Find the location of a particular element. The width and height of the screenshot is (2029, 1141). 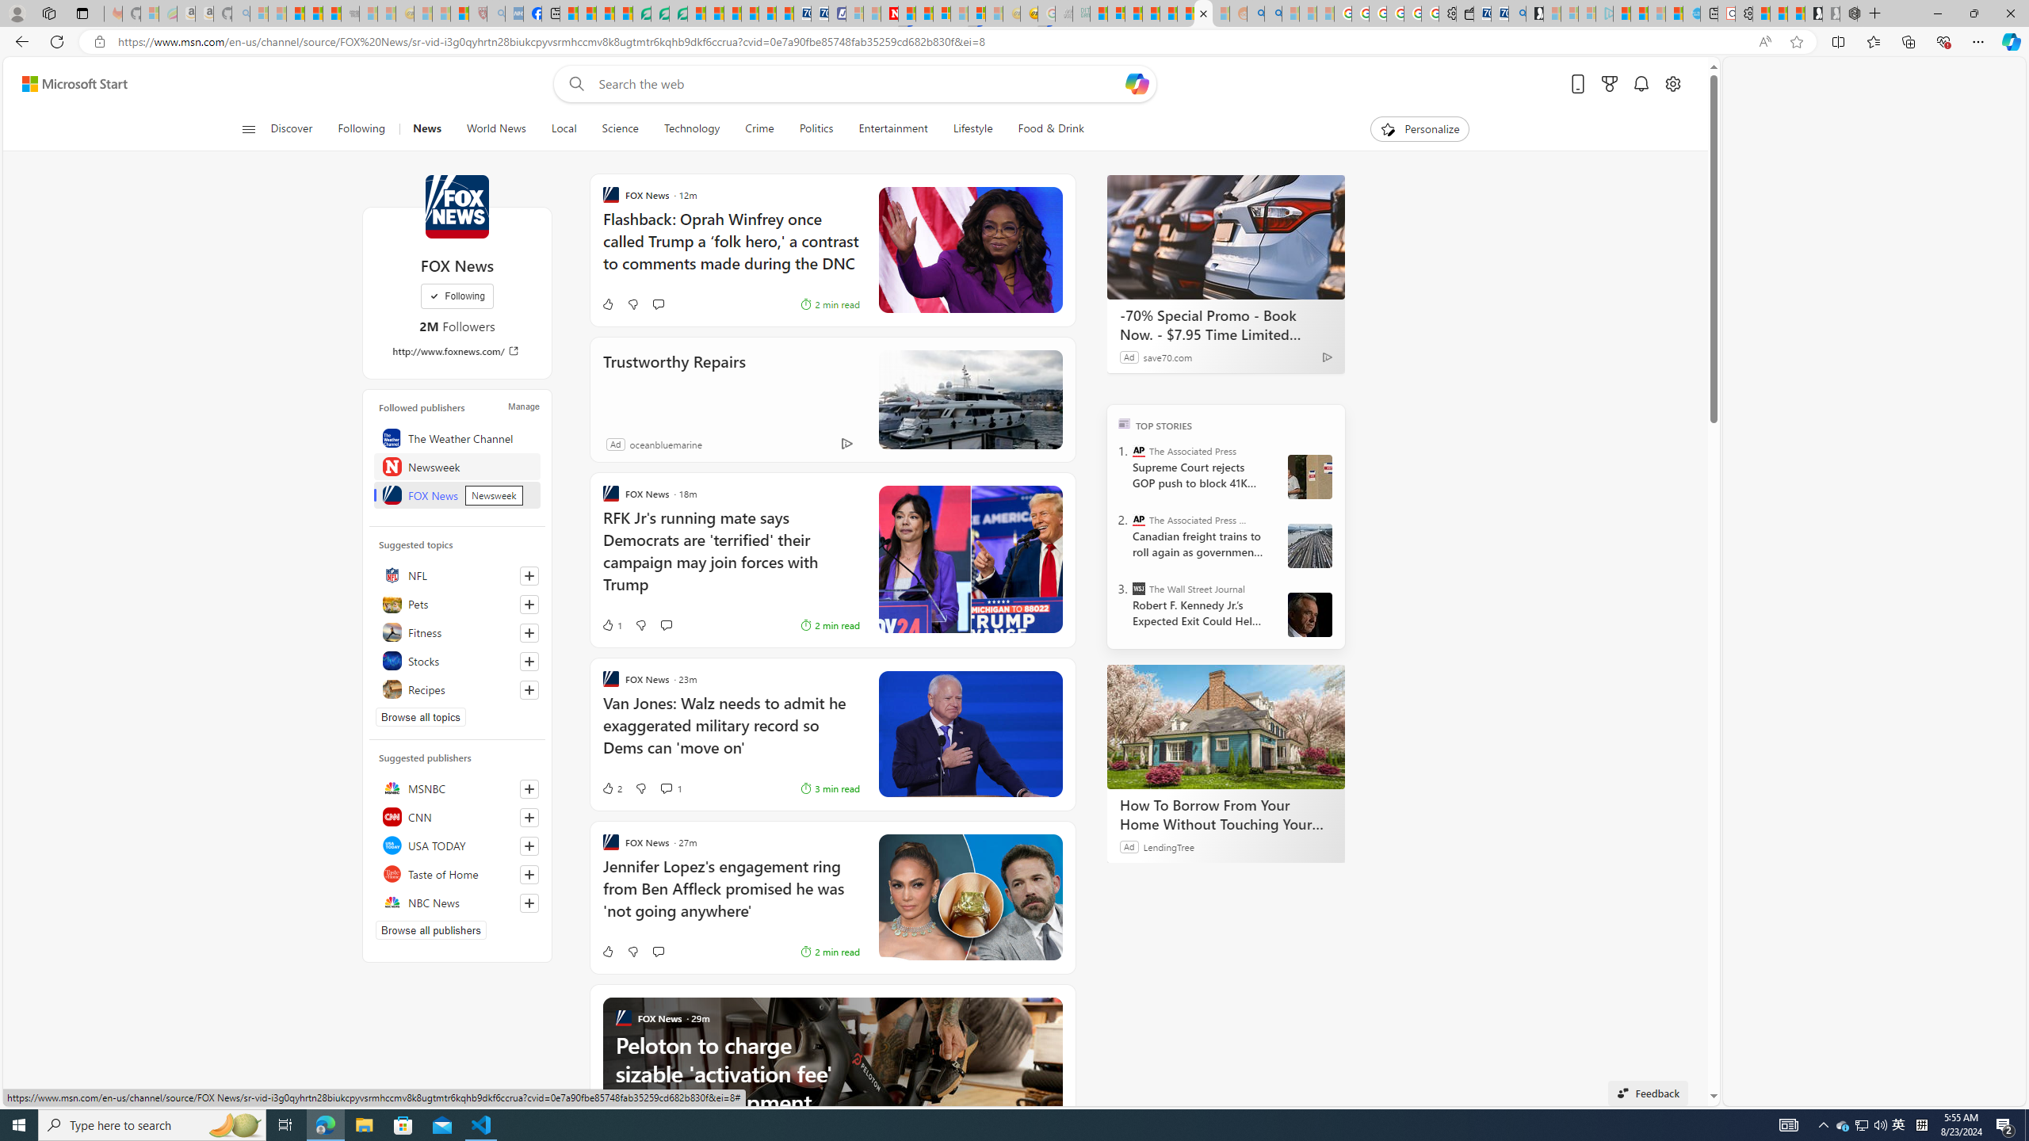

'Trustworthy RepairsAdoceanbluemarine' is located at coordinates (831, 399).